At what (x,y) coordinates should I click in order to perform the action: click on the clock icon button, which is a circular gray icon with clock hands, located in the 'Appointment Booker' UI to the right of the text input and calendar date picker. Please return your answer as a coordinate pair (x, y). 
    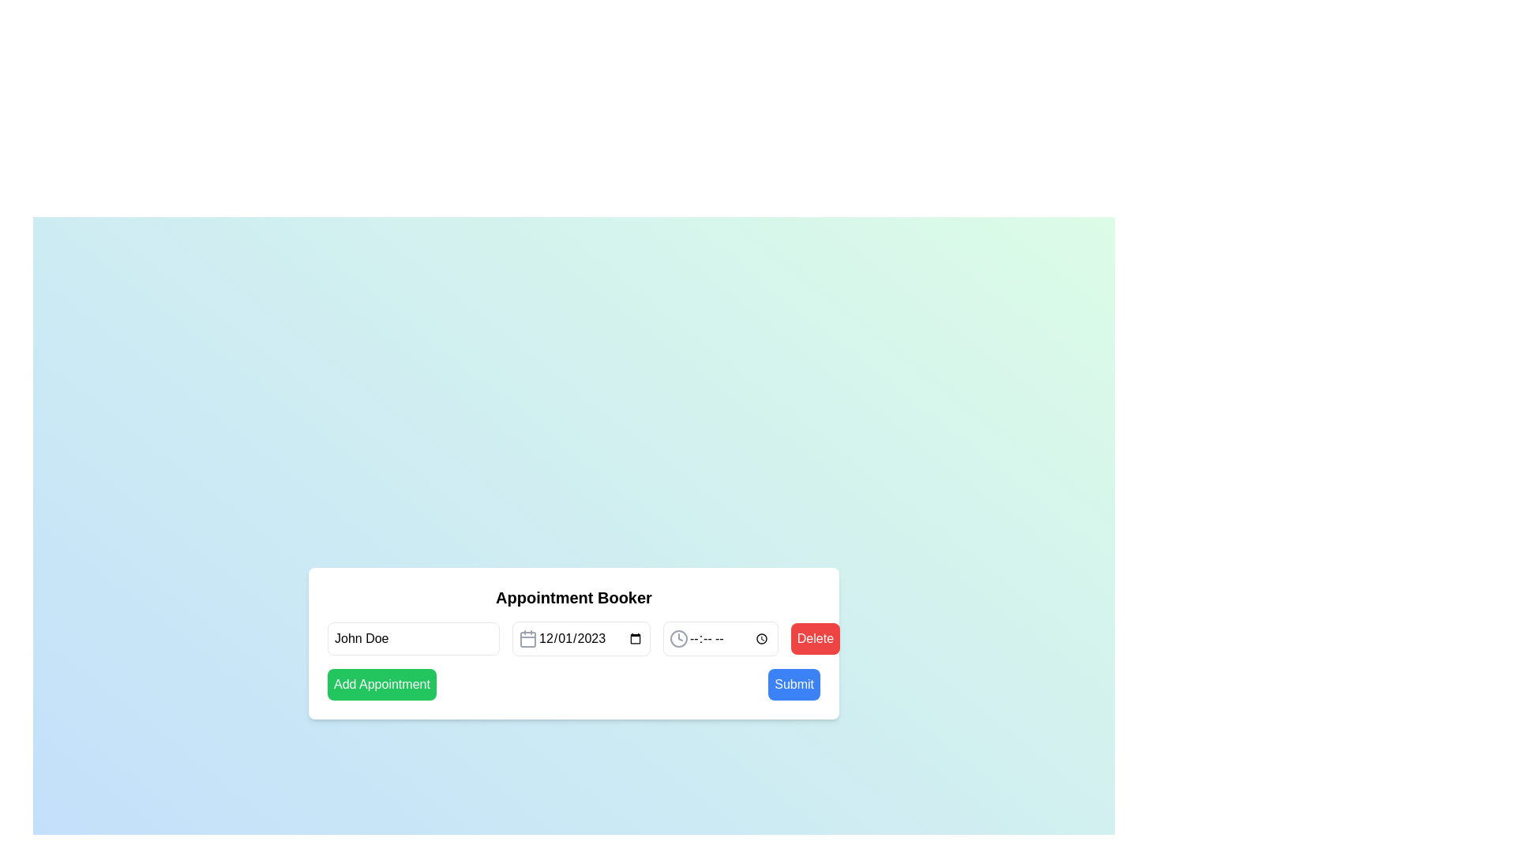
    Looking at the image, I should click on (678, 638).